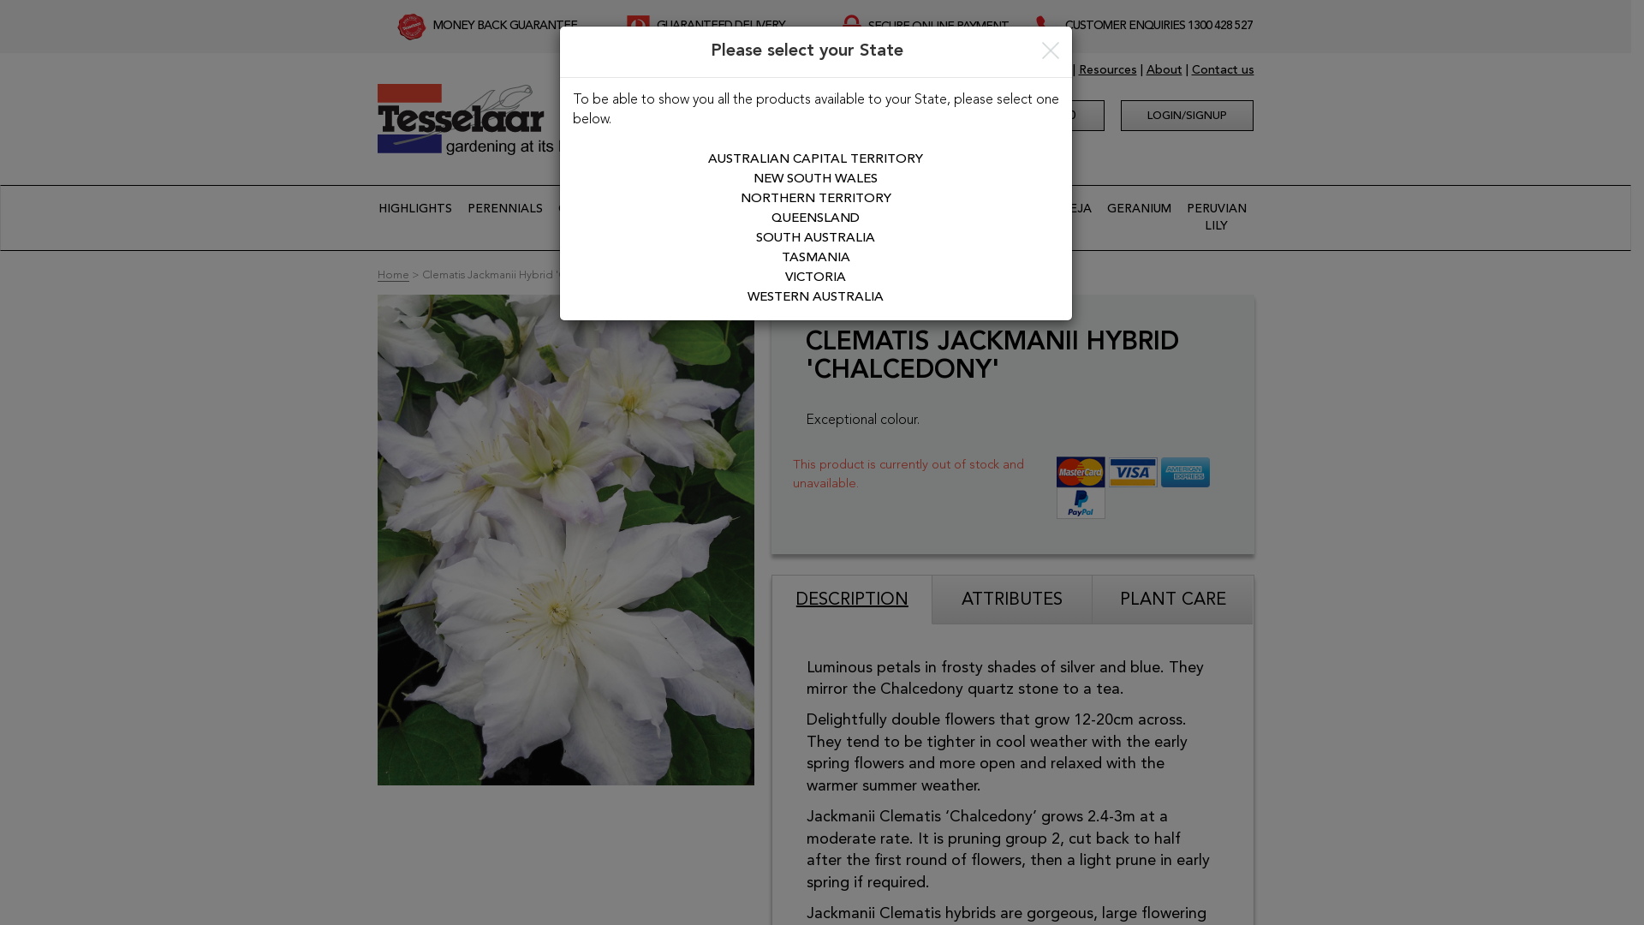 The image size is (1644, 925). I want to click on 'About', so click(1146, 69).